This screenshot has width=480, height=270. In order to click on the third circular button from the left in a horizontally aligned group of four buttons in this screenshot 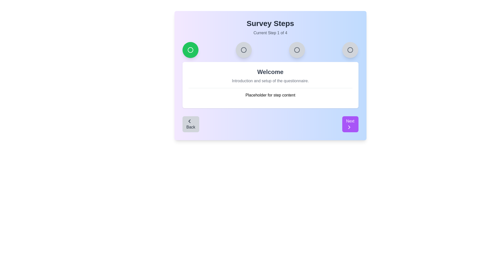, I will do `click(297, 50)`.